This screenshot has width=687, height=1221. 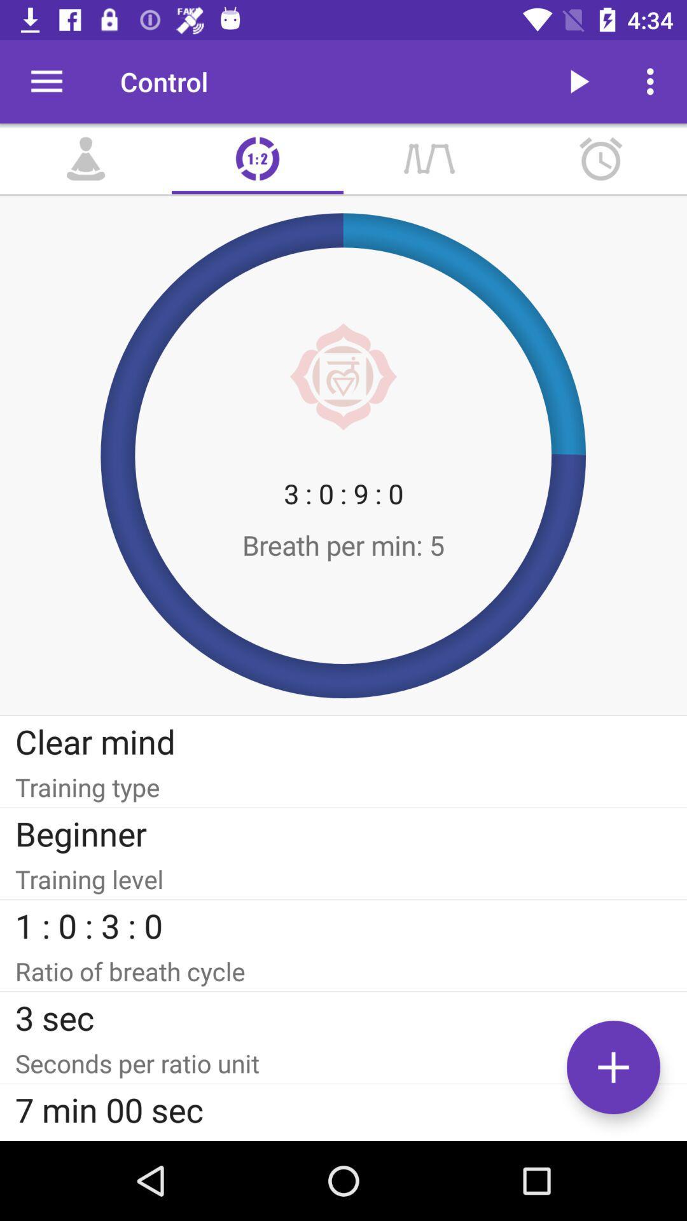 I want to click on the 3 sec icon, so click(x=343, y=1018).